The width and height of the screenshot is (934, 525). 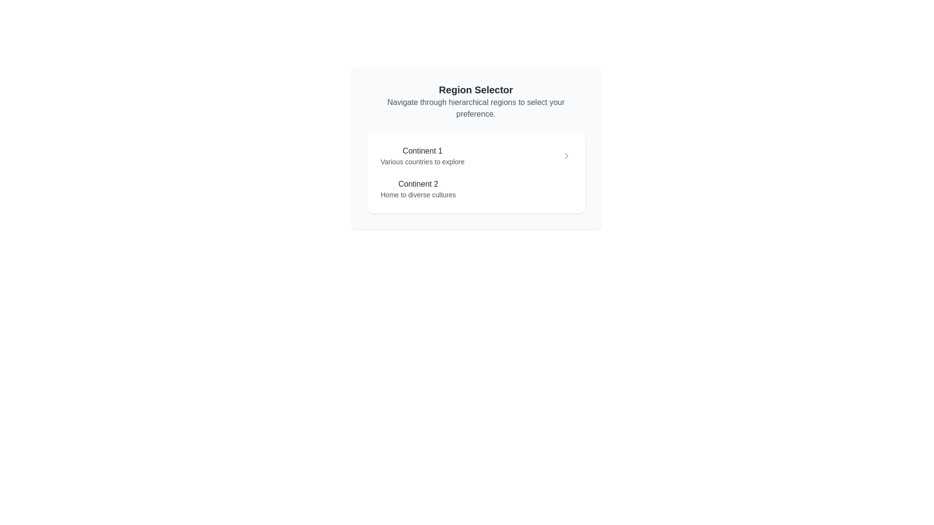 What do you see at coordinates (418, 195) in the screenshot?
I see `static text label providing descriptive information about 'Continent 2', which is located directly below the text 'Continent 2' in the hierarchical region selection interface` at bounding box center [418, 195].